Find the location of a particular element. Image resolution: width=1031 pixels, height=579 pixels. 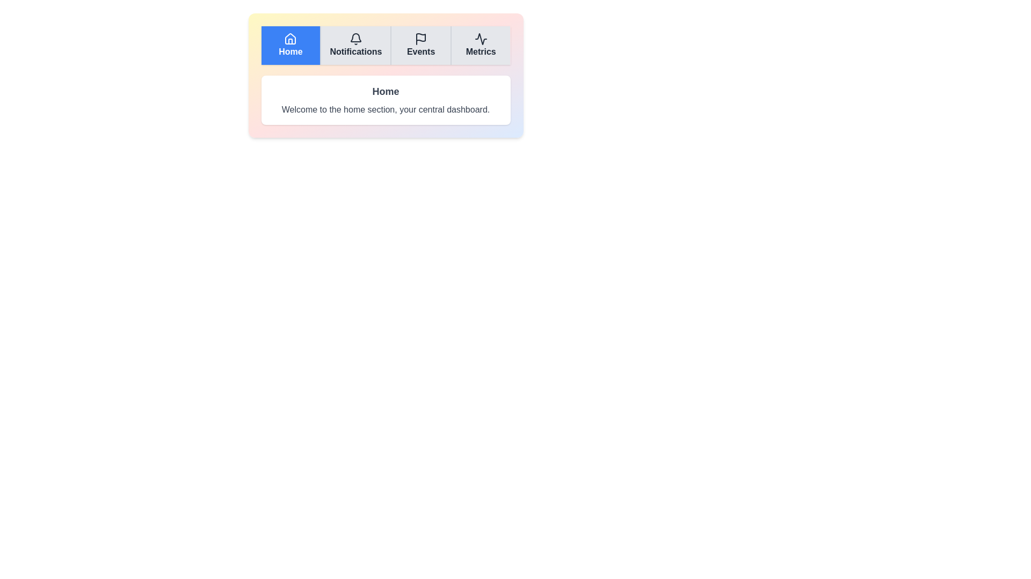

the Metrics tab is located at coordinates (480, 44).